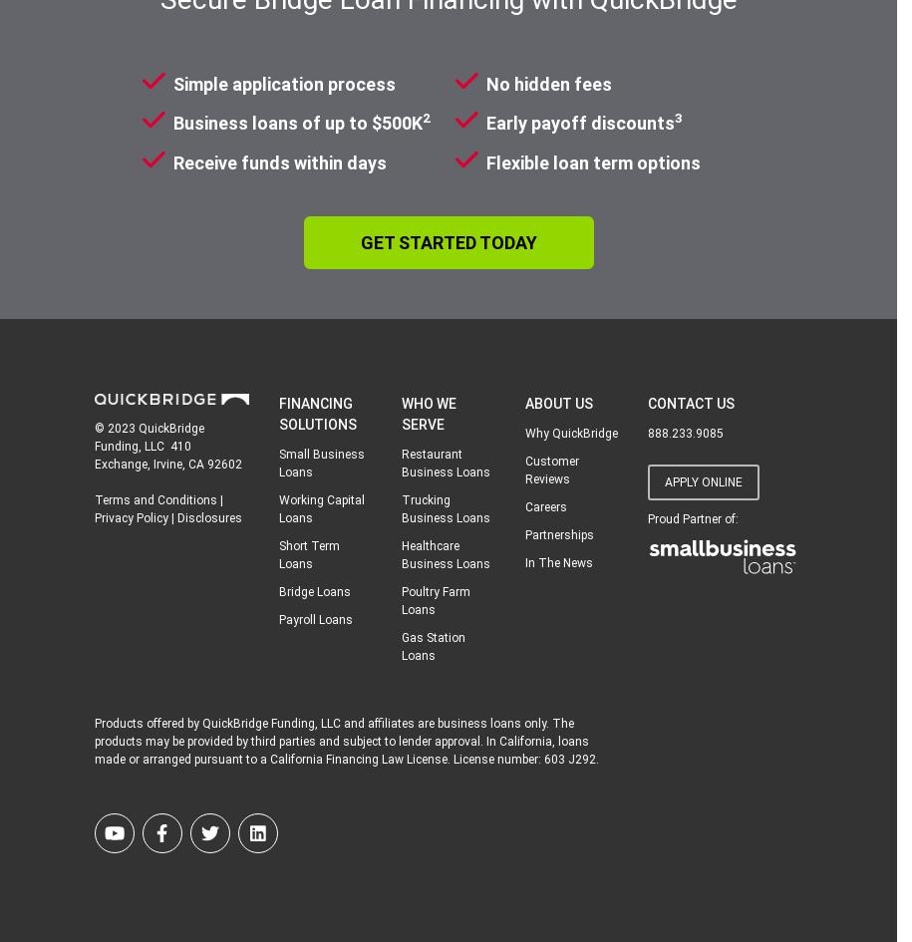 This screenshot has height=942, width=912. Describe the element at coordinates (277, 590) in the screenshot. I see `'Bridge Loans'` at that location.